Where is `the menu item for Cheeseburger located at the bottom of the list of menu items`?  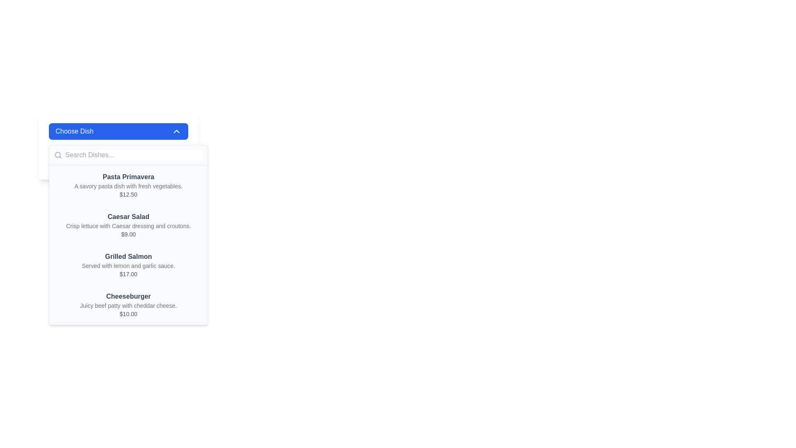 the menu item for Cheeseburger located at the bottom of the list of menu items is located at coordinates (128, 305).